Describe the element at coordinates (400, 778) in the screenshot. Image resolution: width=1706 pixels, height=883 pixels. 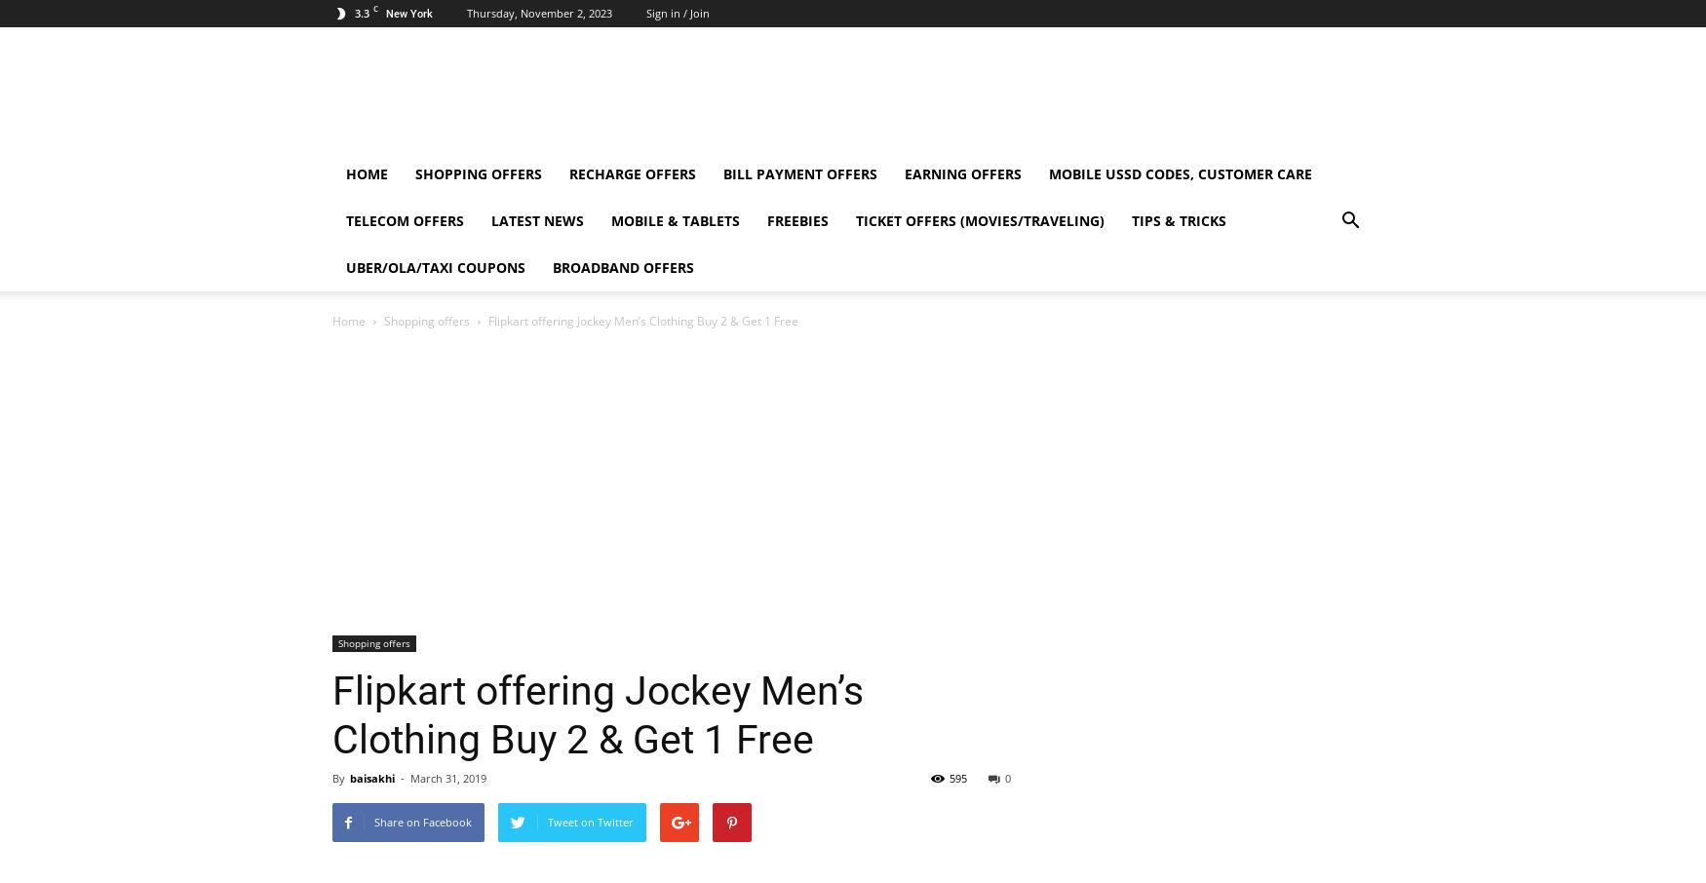
I see `'-'` at that location.